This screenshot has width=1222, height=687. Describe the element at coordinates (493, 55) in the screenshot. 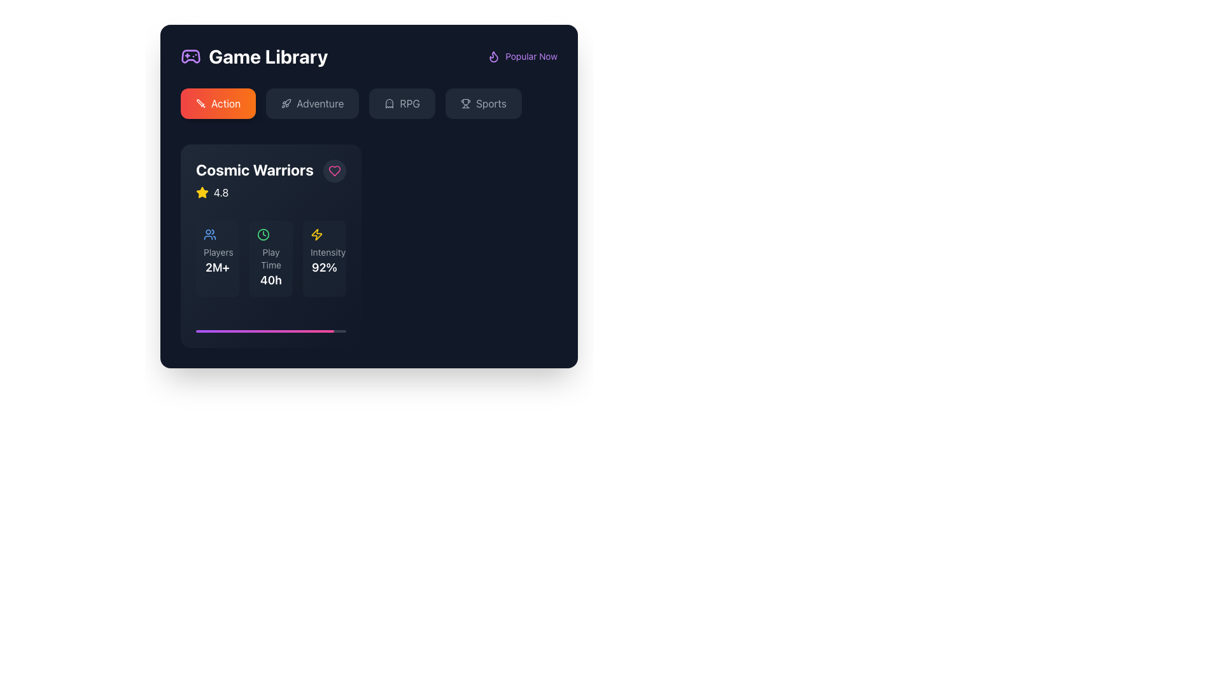

I see `the flame icon located in the top-right corner of the dark-themed card layout, adjacent to the 'Popular Now' text` at that location.